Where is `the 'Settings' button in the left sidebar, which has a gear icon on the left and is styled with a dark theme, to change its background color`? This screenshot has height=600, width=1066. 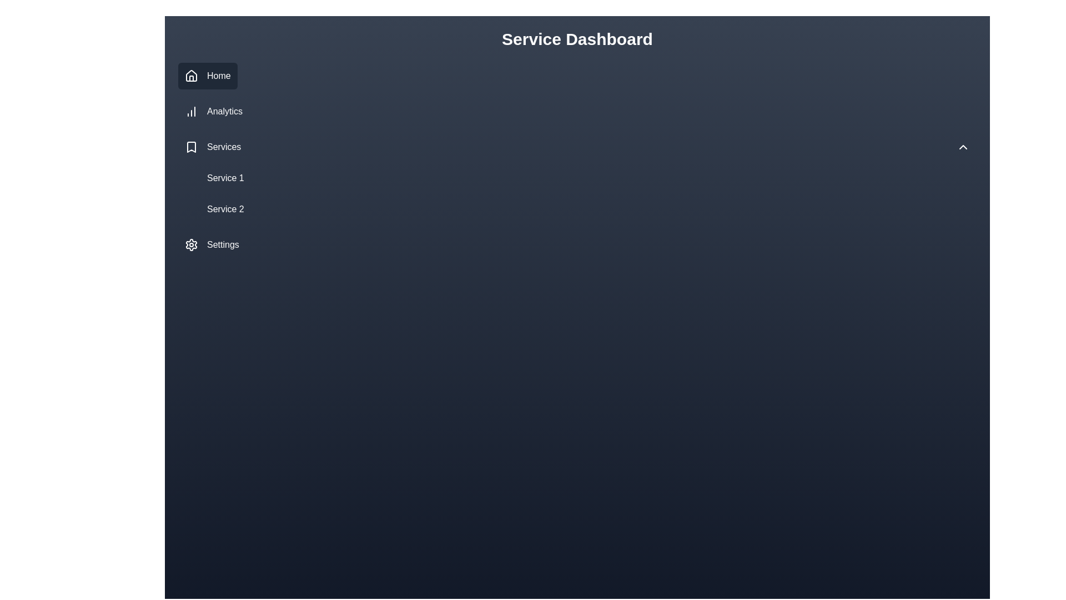 the 'Settings' button in the left sidebar, which has a gear icon on the left and is styled with a dark theme, to change its background color is located at coordinates (212, 244).